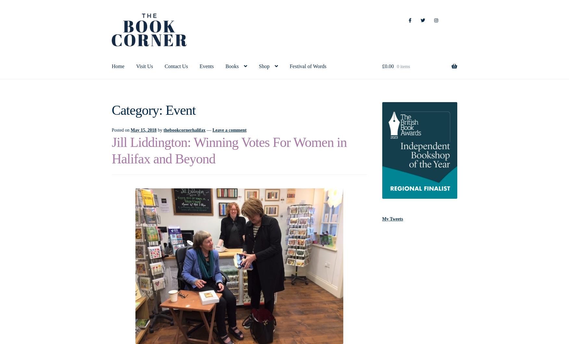 This screenshot has height=344, width=569. Describe the element at coordinates (121, 130) in the screenshot. I see `'Posted on'` at that location.